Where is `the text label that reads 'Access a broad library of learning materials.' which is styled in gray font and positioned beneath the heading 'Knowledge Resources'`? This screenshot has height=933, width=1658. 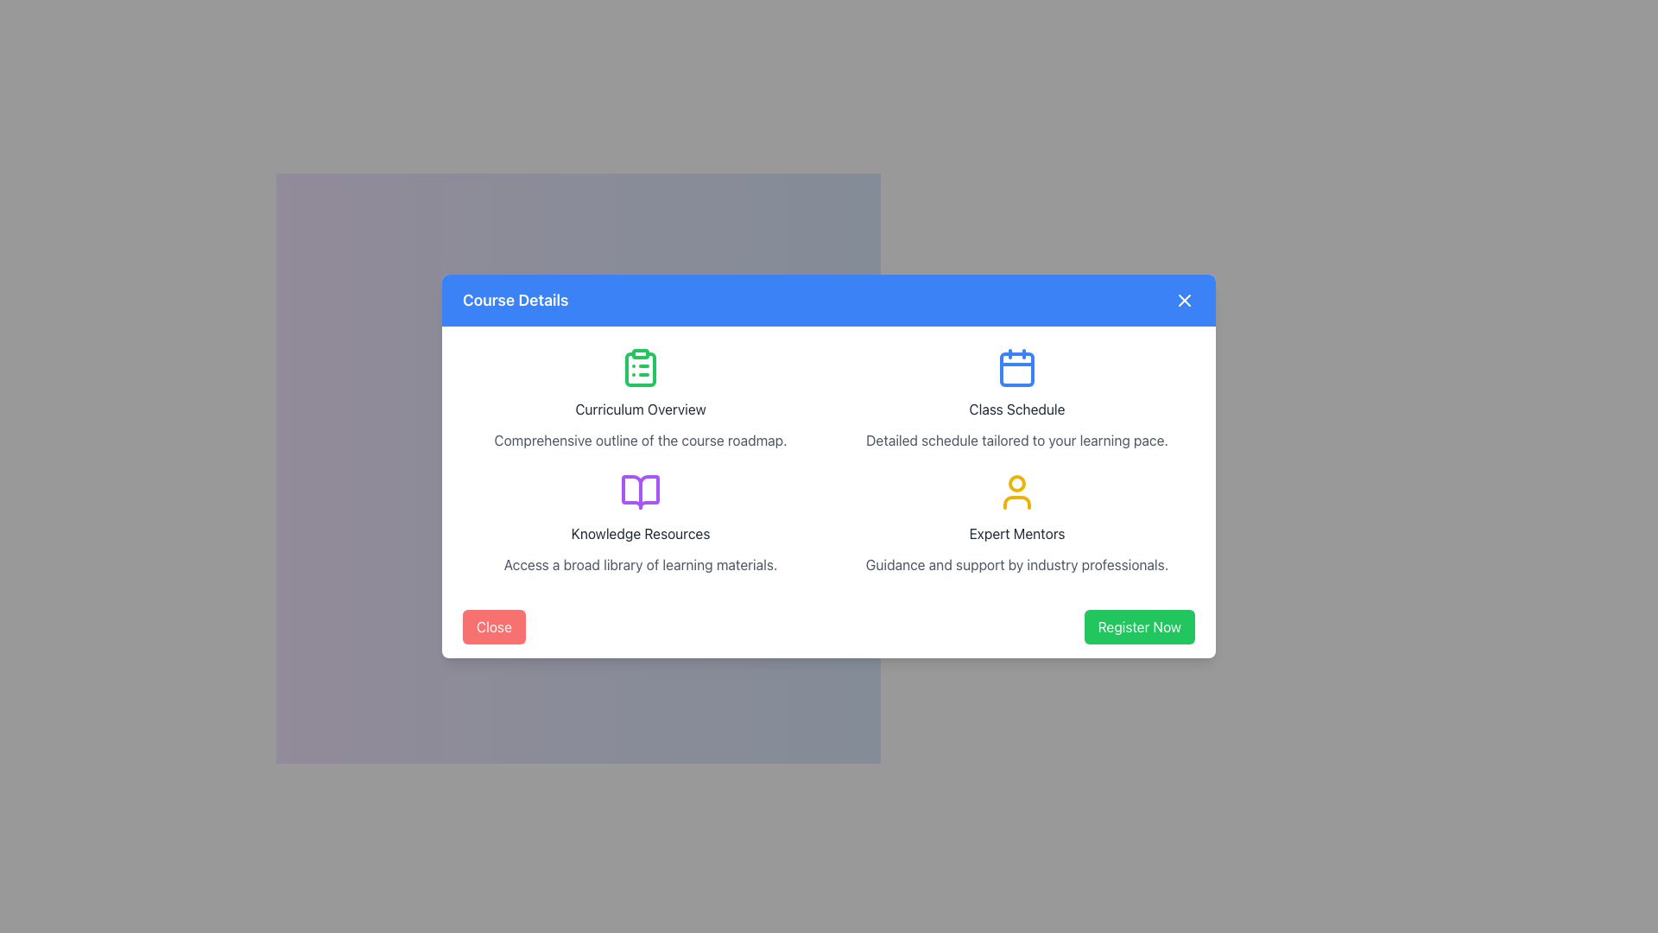 the text label that reads 'Access a broad library of learning materials.' which is styled in gray font and positioned beneath the heading 'Knowledge Resources' is located at coordinates (640, 565).